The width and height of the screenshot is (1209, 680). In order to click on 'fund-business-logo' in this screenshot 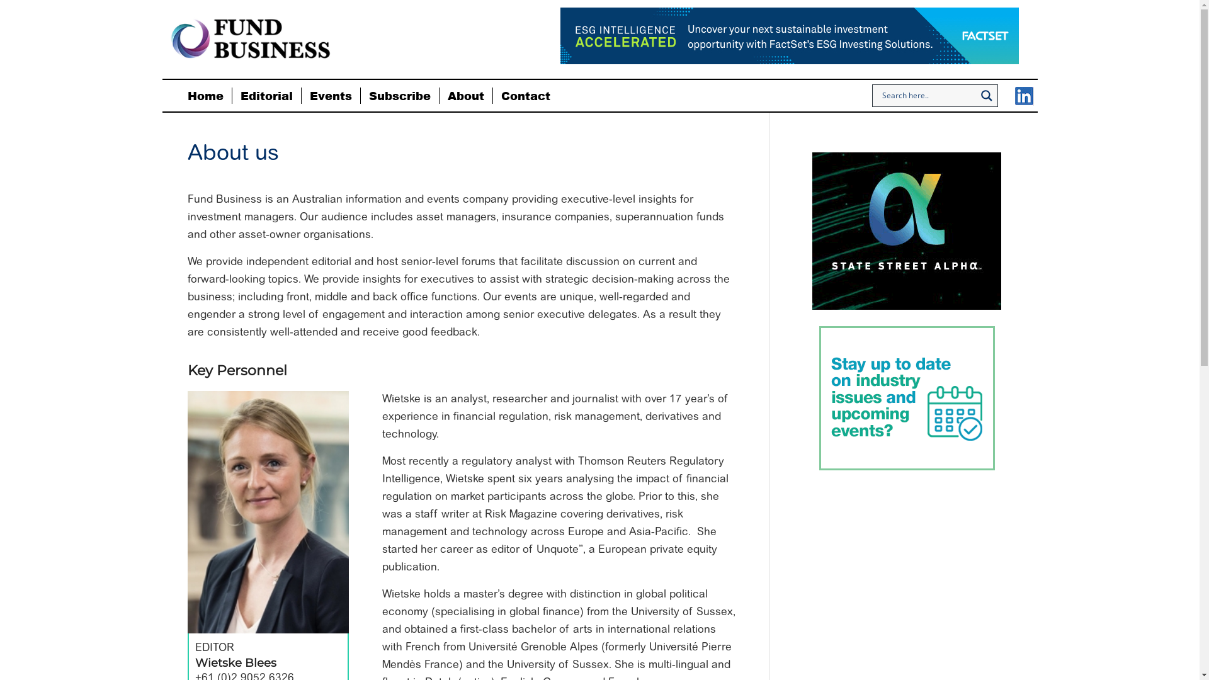, I will do `click(251, 38)`.